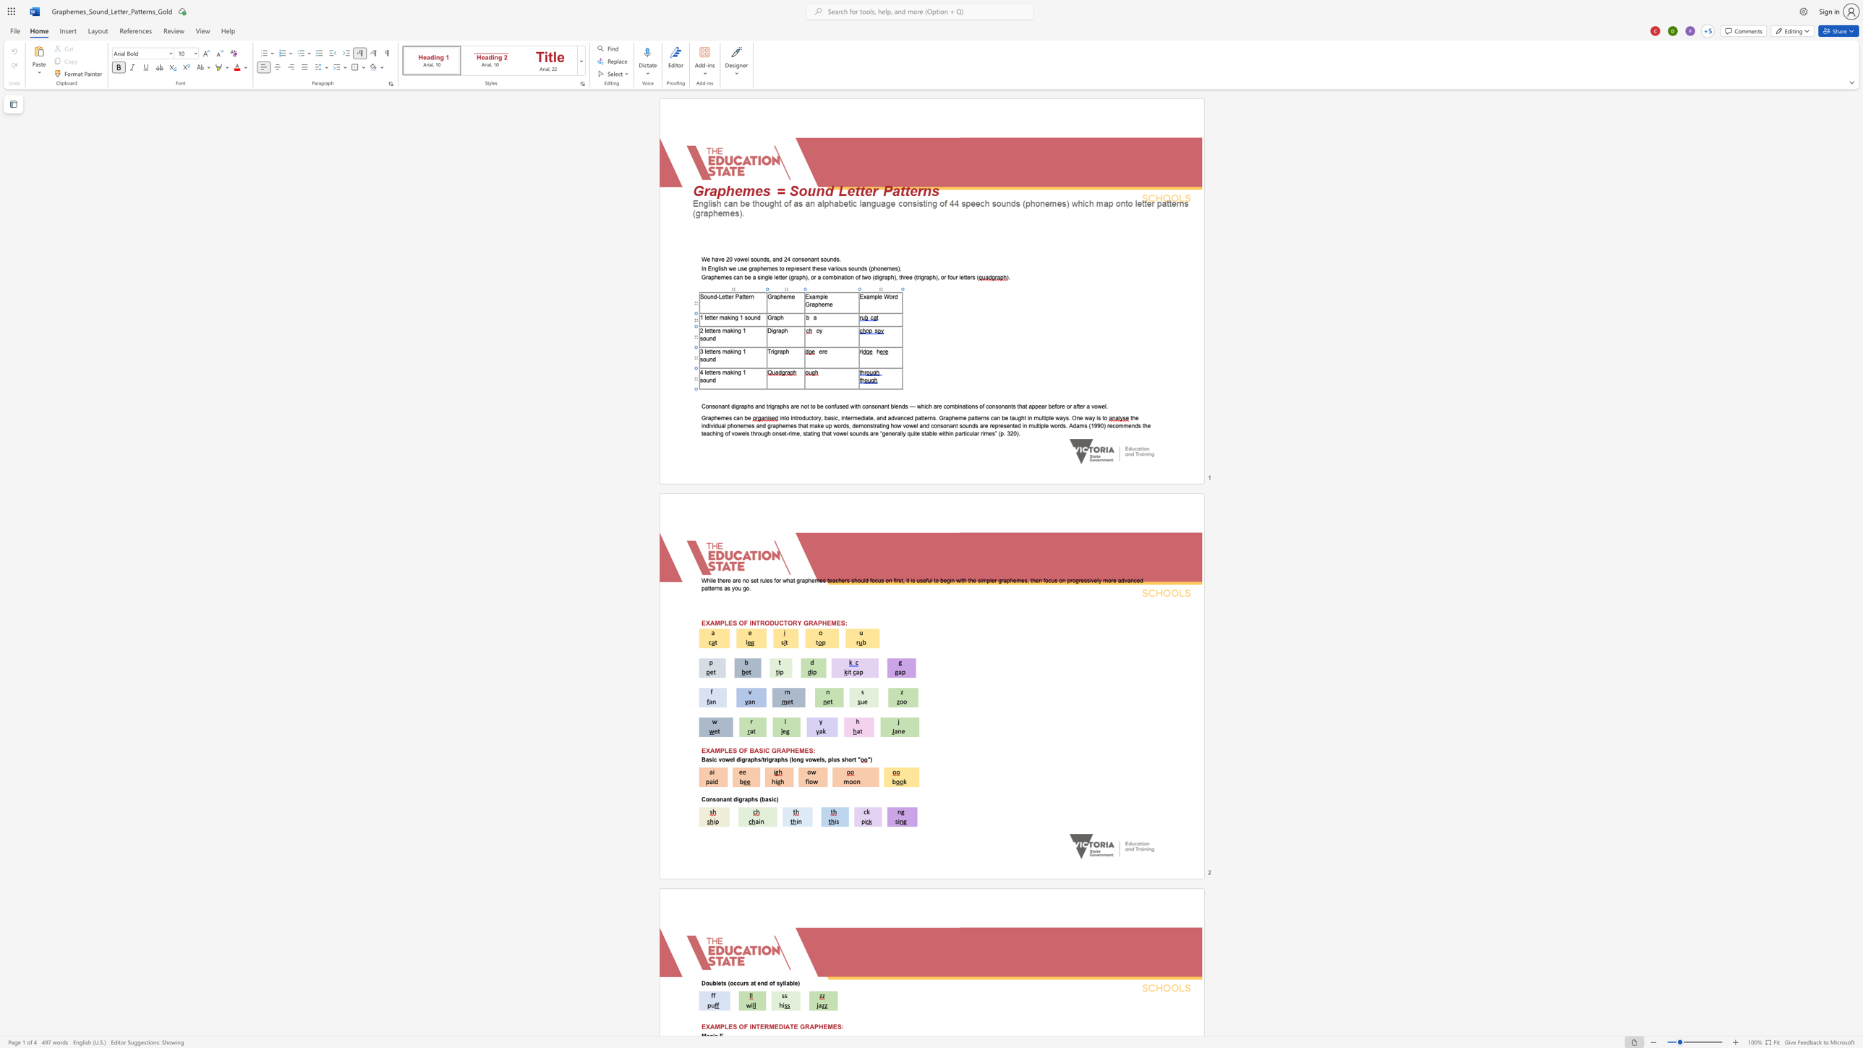 This screenshot has width=1863, height=1048. I want to click on the 1th character "h" in the text, so click(752, 798).